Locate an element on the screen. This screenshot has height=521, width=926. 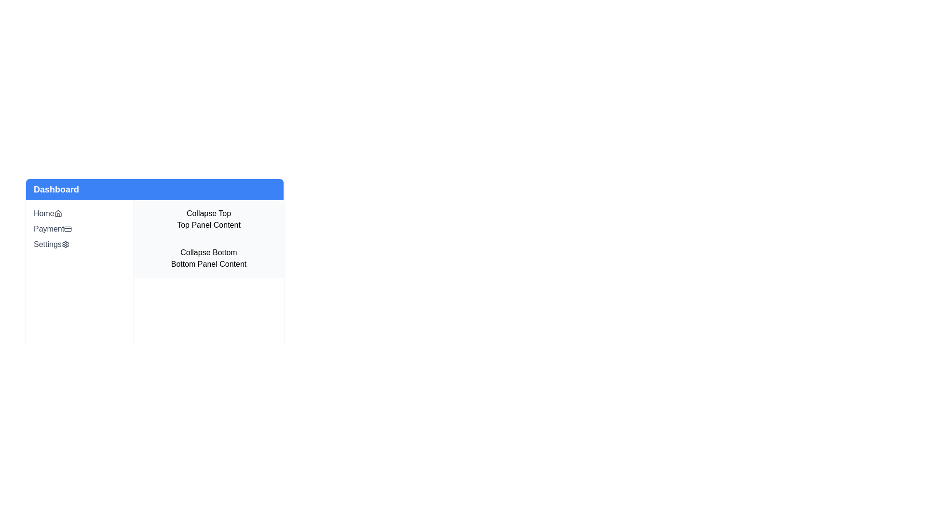
the Gear icon in the settings menu is located at coordinates (65, 244).